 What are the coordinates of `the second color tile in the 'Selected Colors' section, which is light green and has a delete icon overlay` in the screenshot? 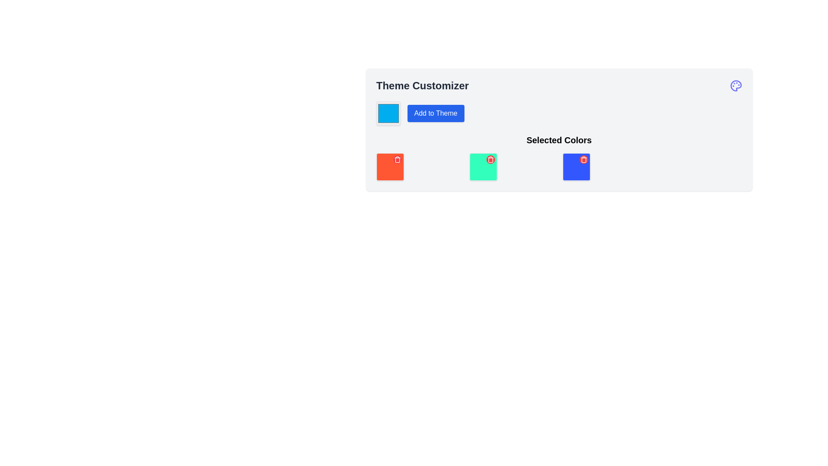 It's located at (483, 167).